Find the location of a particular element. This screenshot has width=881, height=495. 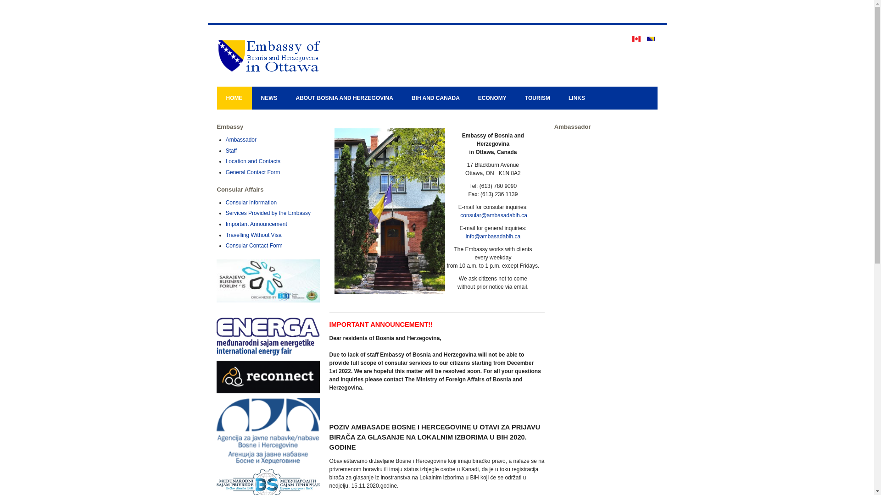

'Consular Contact Form' is located at coordinates (254, 245).